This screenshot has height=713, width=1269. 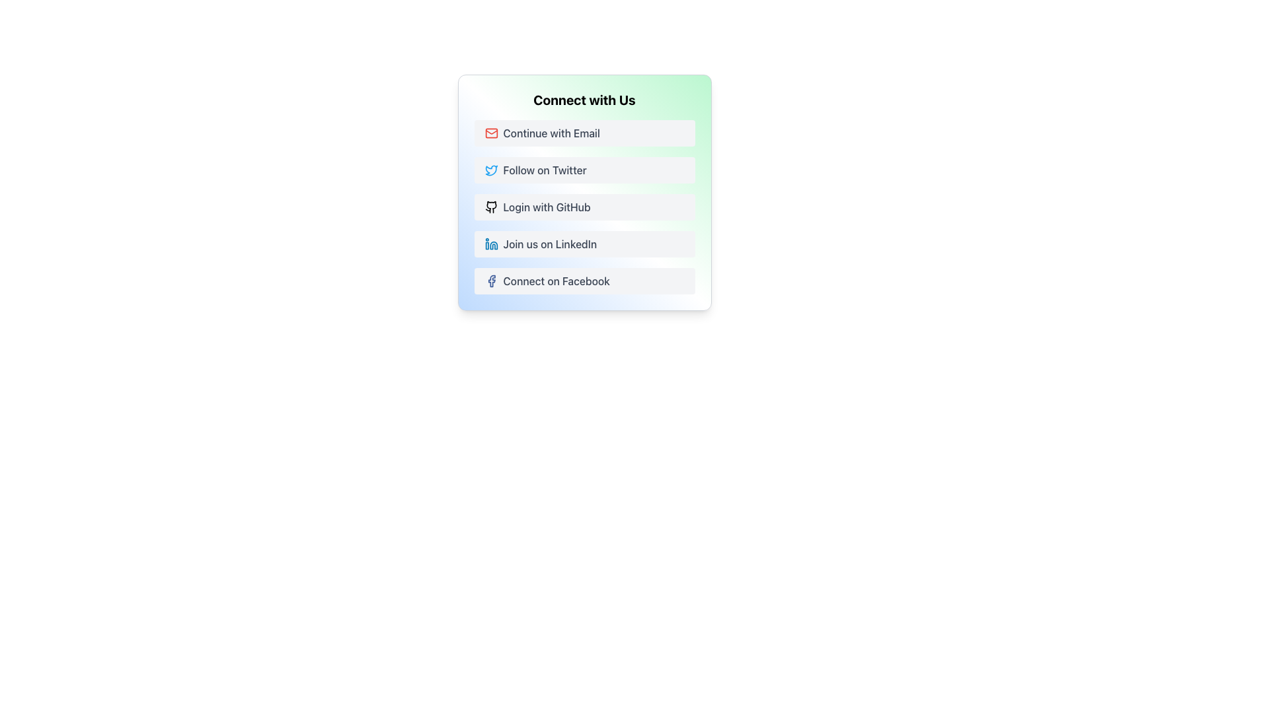 What do you see at coordinates (584, 244) in the screenshot?
I see `the 'Join us on LinkedIn' button, which has a light gray background with rounded corners and features a blue LinkedIn logo icon on the left` at bounding box center [584, 244].